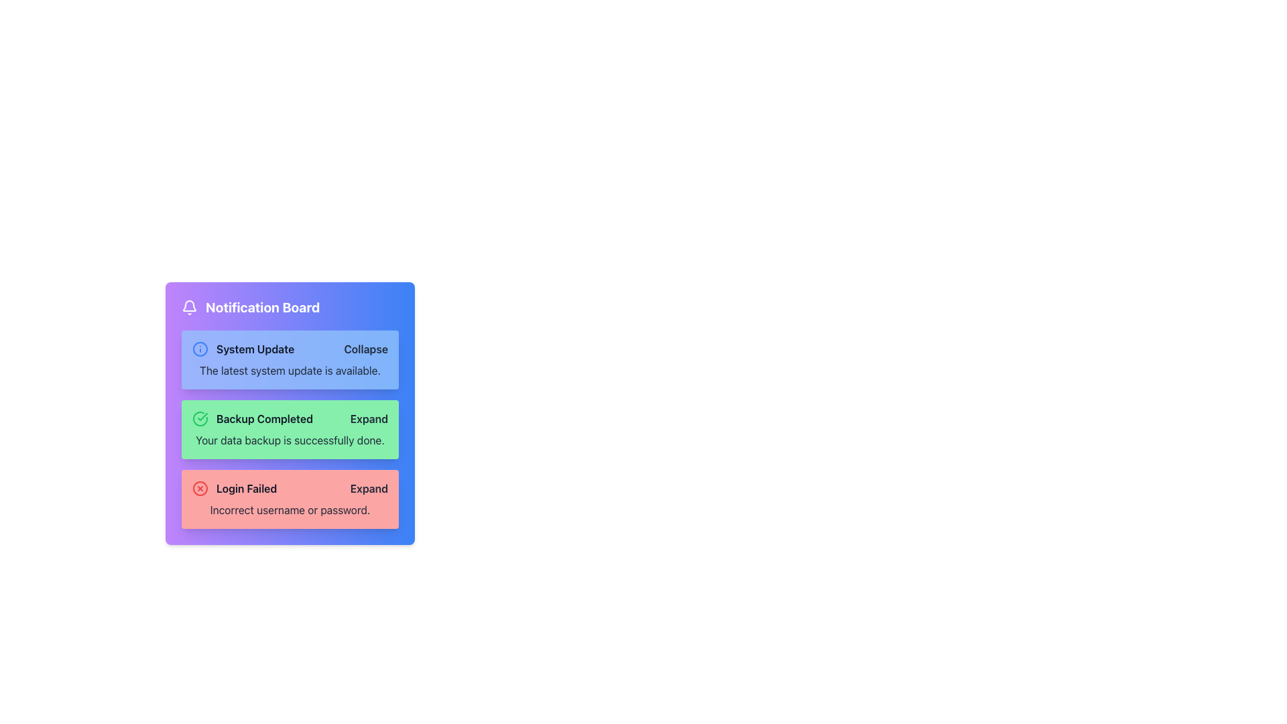 Image resolution: width=1287 pixels, height=724 pixels. Describe the element at coordinates (289, 359) in the screenshot. I see `description text of the Notification Card that provides information about the latest system update, which is the first card in a vertical stack of three notifications` at that location.